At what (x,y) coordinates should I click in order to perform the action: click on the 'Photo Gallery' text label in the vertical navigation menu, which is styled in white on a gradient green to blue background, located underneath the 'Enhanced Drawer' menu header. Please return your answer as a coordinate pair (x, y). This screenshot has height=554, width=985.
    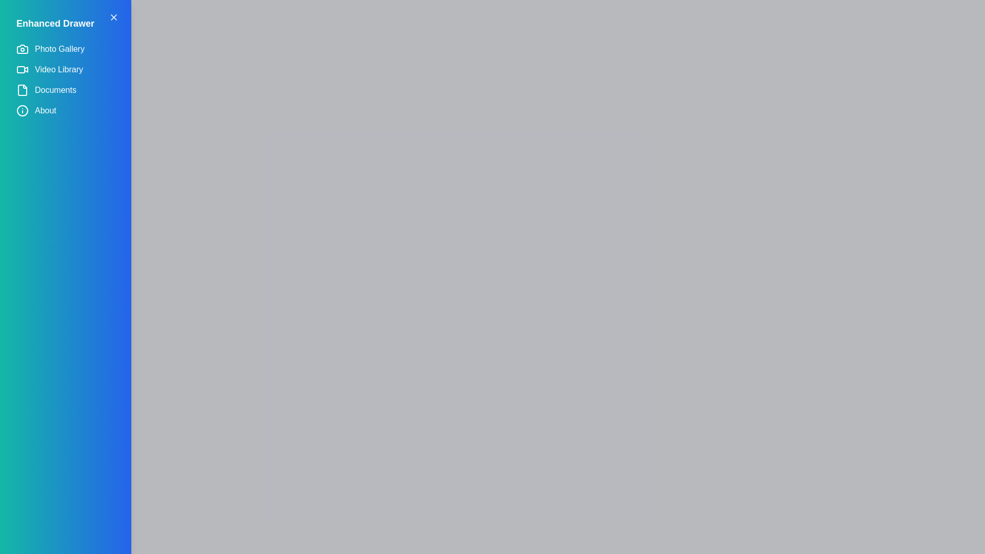
    Looking at the image, I should click on (59, 49).